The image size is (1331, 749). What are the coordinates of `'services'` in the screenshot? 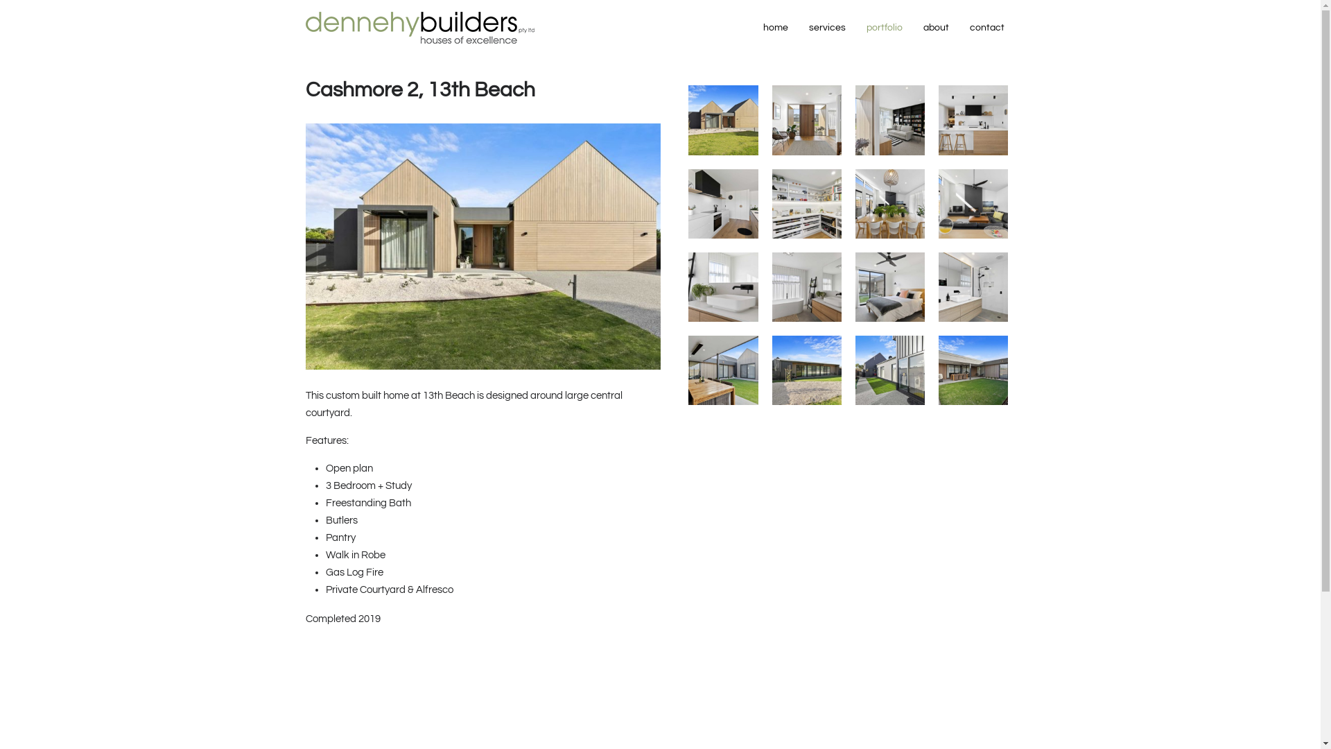 It's located at (827, 27).